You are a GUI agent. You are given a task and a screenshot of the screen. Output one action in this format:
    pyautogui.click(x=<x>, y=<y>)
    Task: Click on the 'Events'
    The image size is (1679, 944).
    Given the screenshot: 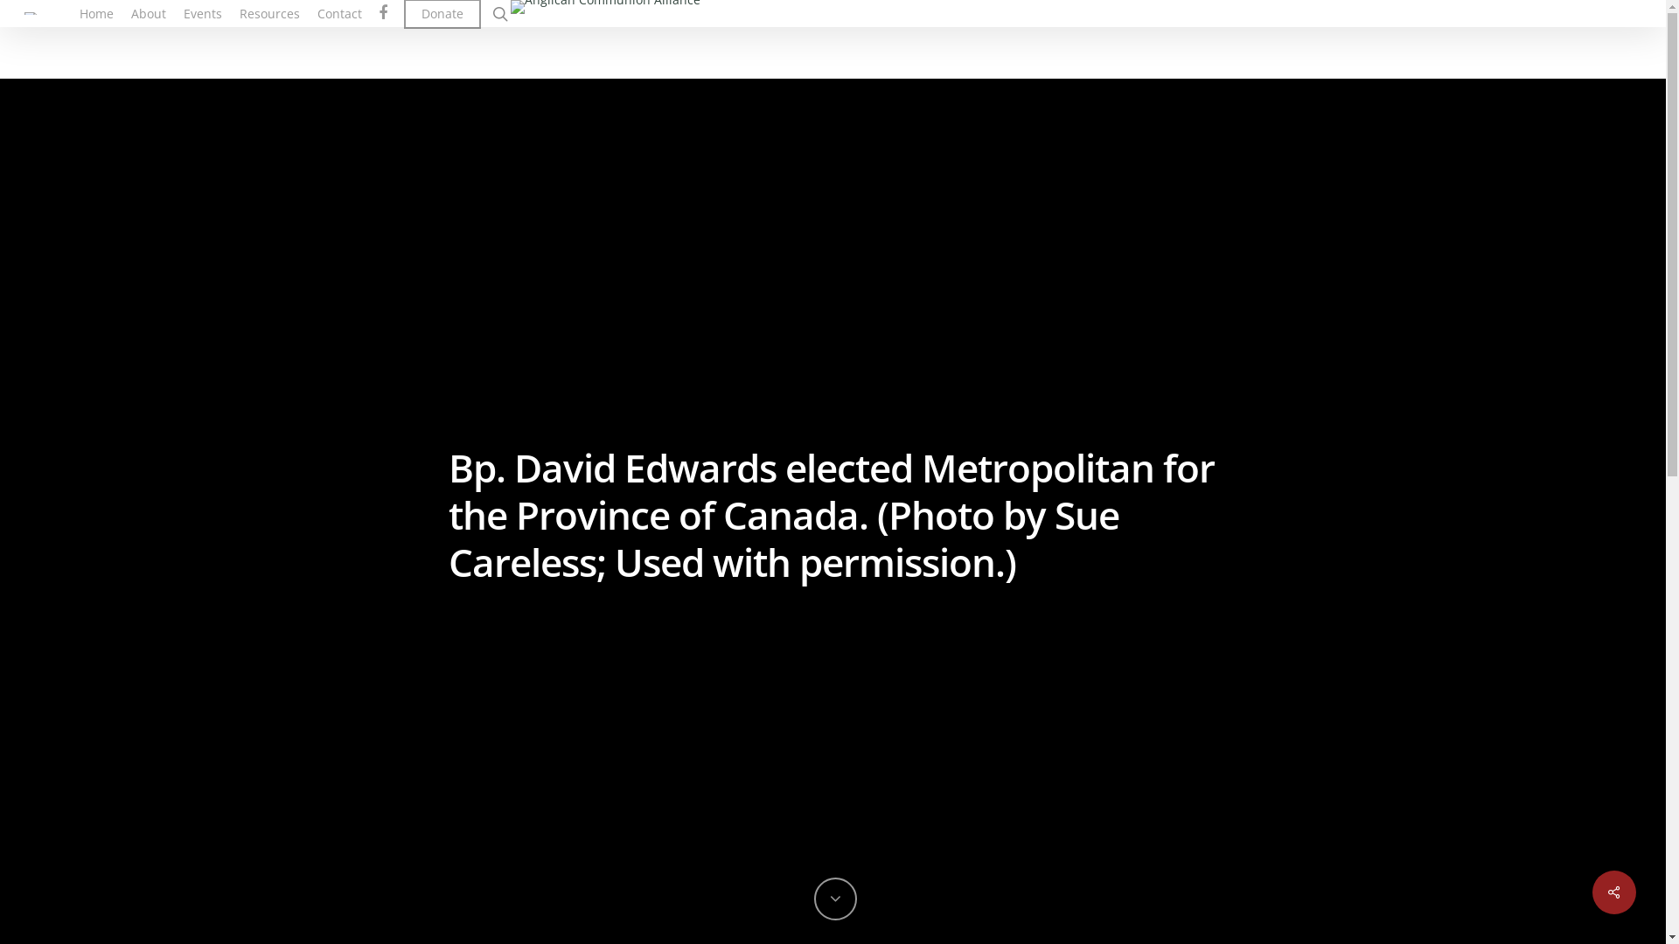 What is the action you would take?
    pyautogui.click(x=202, y=13)
    